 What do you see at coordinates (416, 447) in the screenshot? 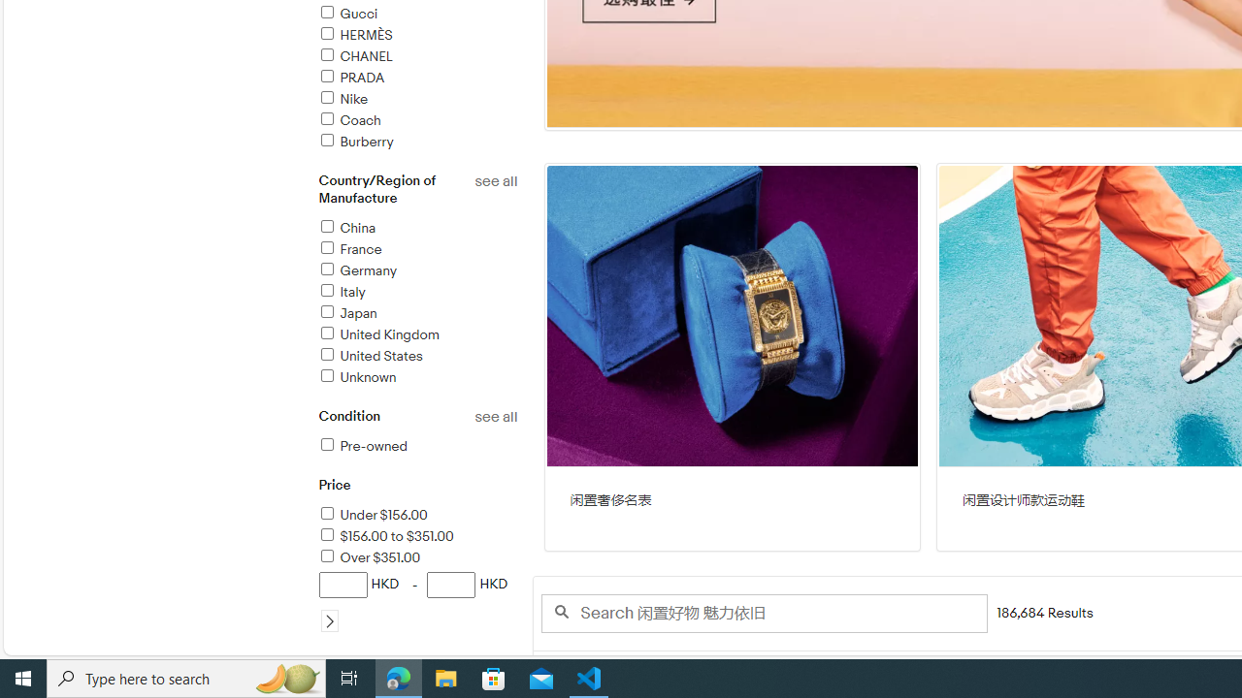
I see `'Pre-owned'` at bounding box center [416, 447].